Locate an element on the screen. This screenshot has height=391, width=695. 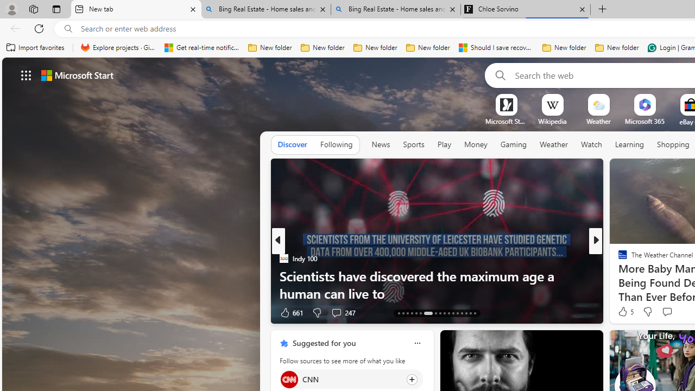
'AutomationID: tab-40' is located at coordinates (466, 313).